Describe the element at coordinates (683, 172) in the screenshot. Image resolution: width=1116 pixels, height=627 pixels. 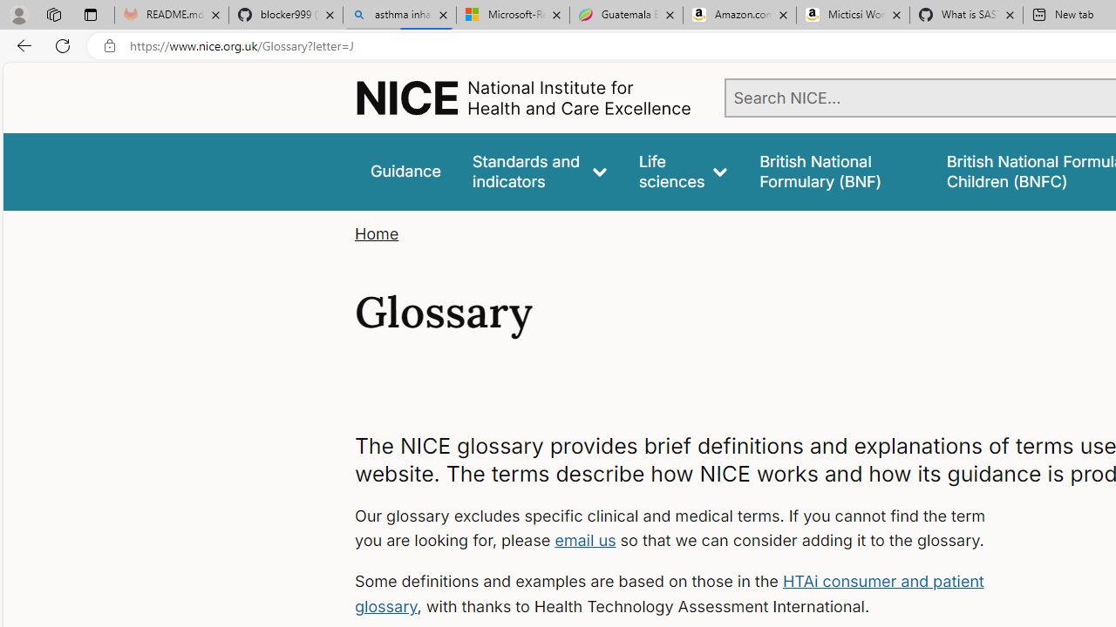
I see `'Life sciences'` at that location.